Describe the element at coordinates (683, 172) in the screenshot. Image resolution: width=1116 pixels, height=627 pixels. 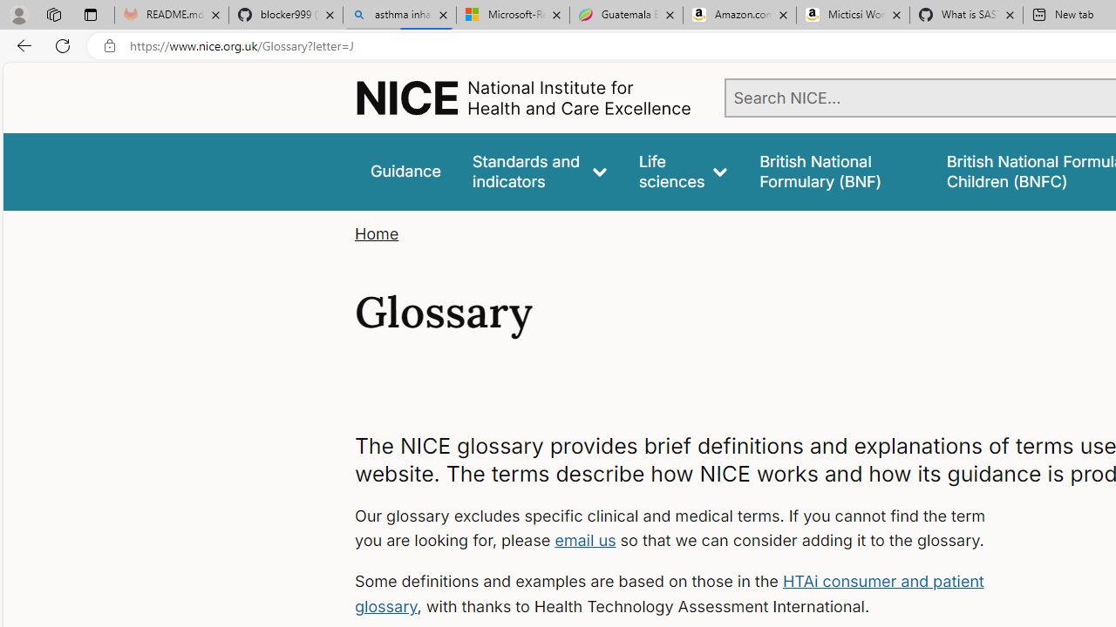
I see `'Life sciences'` at that location.